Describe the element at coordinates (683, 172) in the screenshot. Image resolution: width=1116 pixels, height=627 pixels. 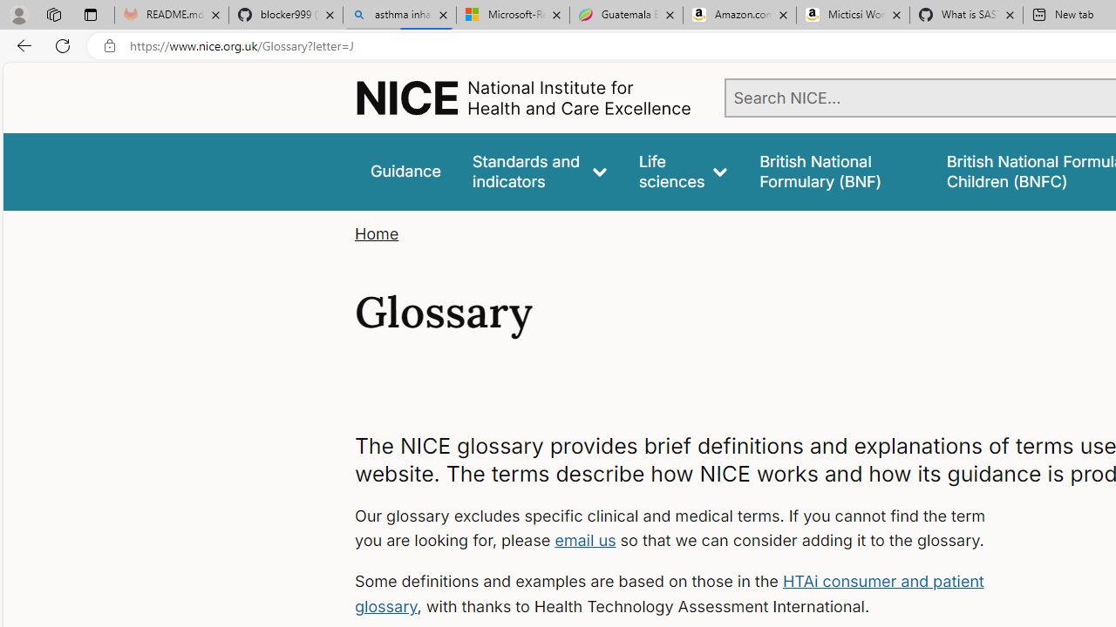
I see `'Life sciences'` at that location.